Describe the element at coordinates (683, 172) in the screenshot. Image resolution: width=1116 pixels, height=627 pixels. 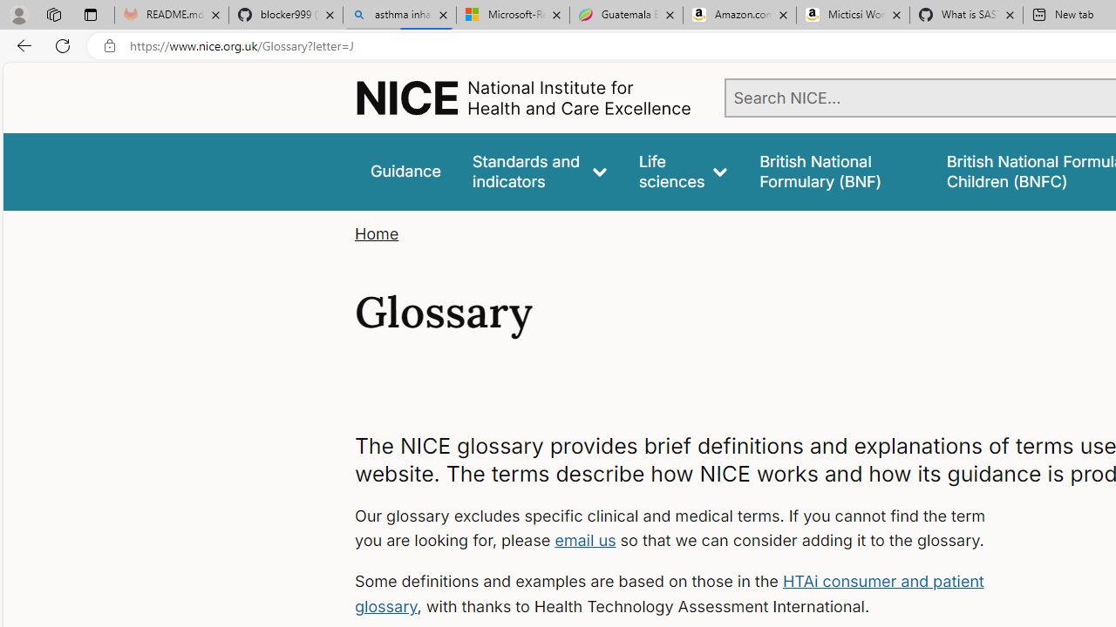
I see `'Life sciences'` at that location.